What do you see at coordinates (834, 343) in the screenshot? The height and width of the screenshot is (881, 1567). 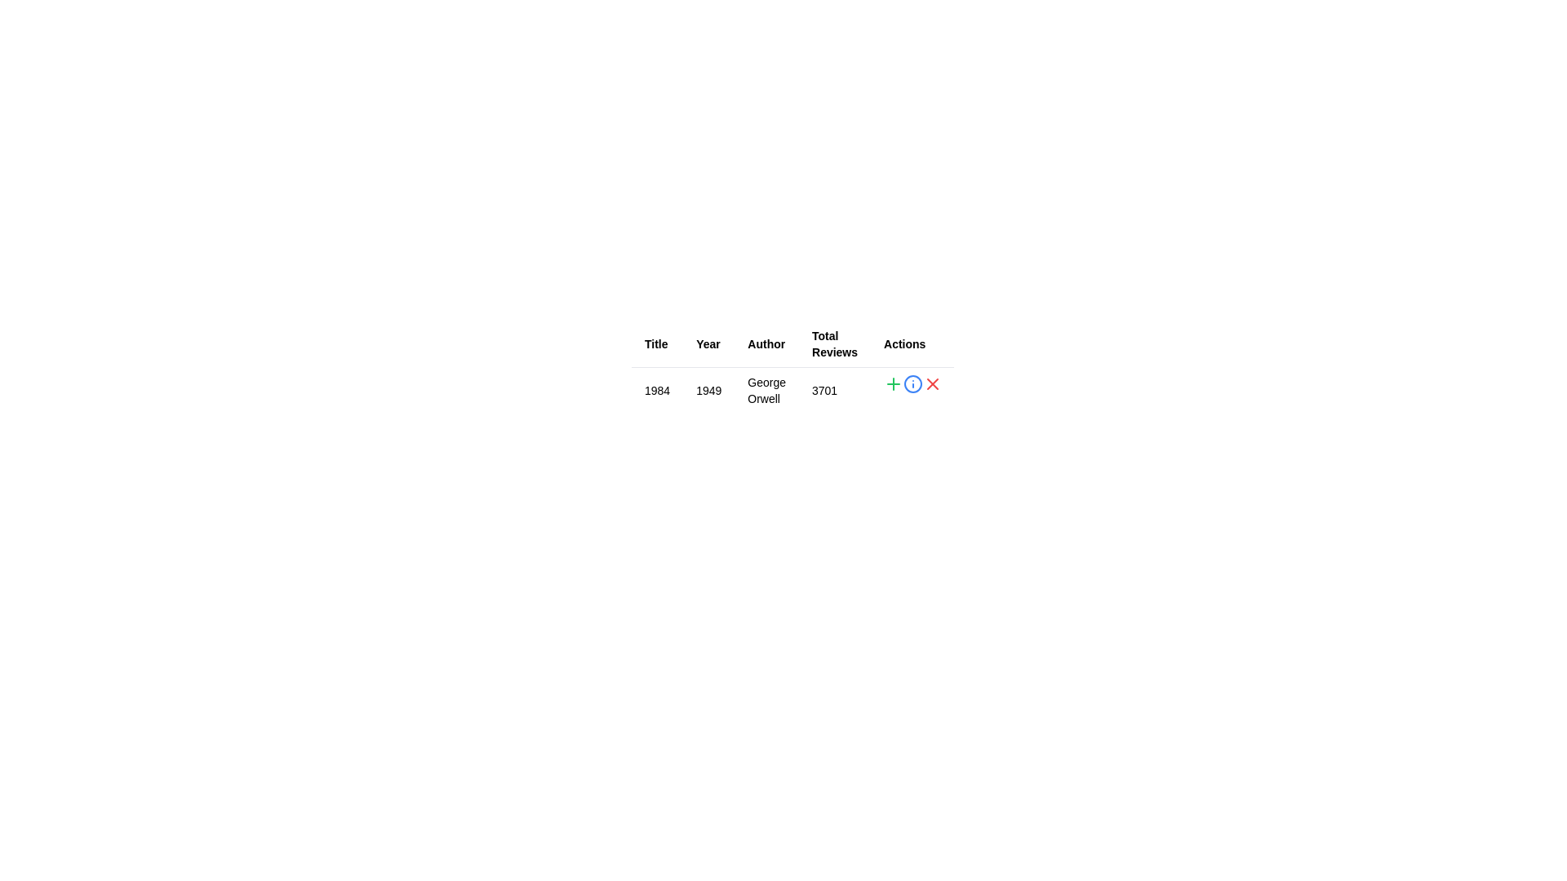 I see `text label 'Total Reviews' which is the fourth label in a horizontal row of text labels at the top of a table-like structure` at bounding box center [834, 343].